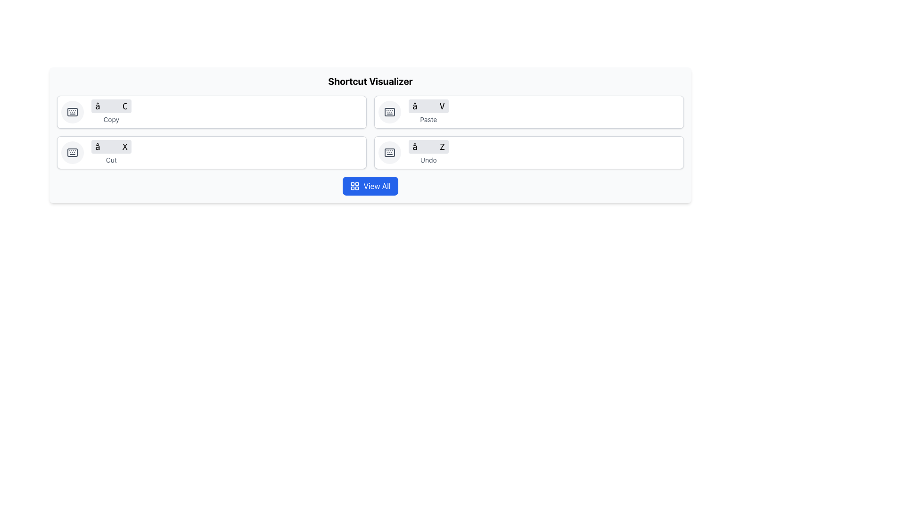 Image resolution: width=905 pixels, height=509 pixels. Describe the element at coordinates (370, 186) in the screenshot. I see `the button labeled 'View All' with a blue background and white text, located at the bottom center of the interface` at that location.